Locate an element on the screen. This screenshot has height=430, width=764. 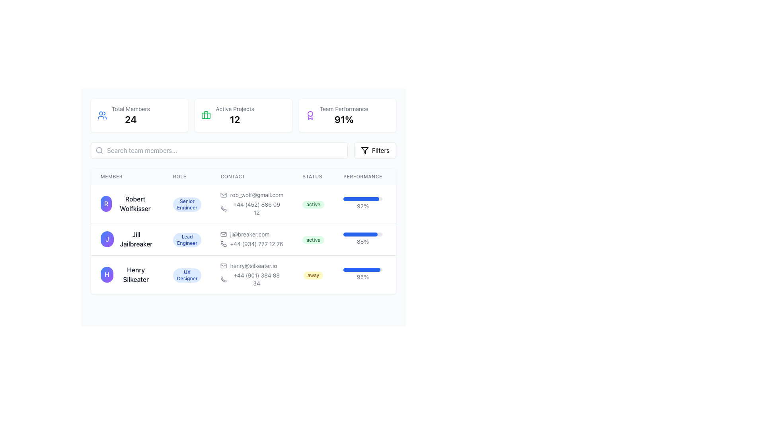
phone number from the Contact Information Display for the individual 'Jill Jailbreaker', which is located in the second row of the table under the 'Contact' column is located at coordinates (251, 239).